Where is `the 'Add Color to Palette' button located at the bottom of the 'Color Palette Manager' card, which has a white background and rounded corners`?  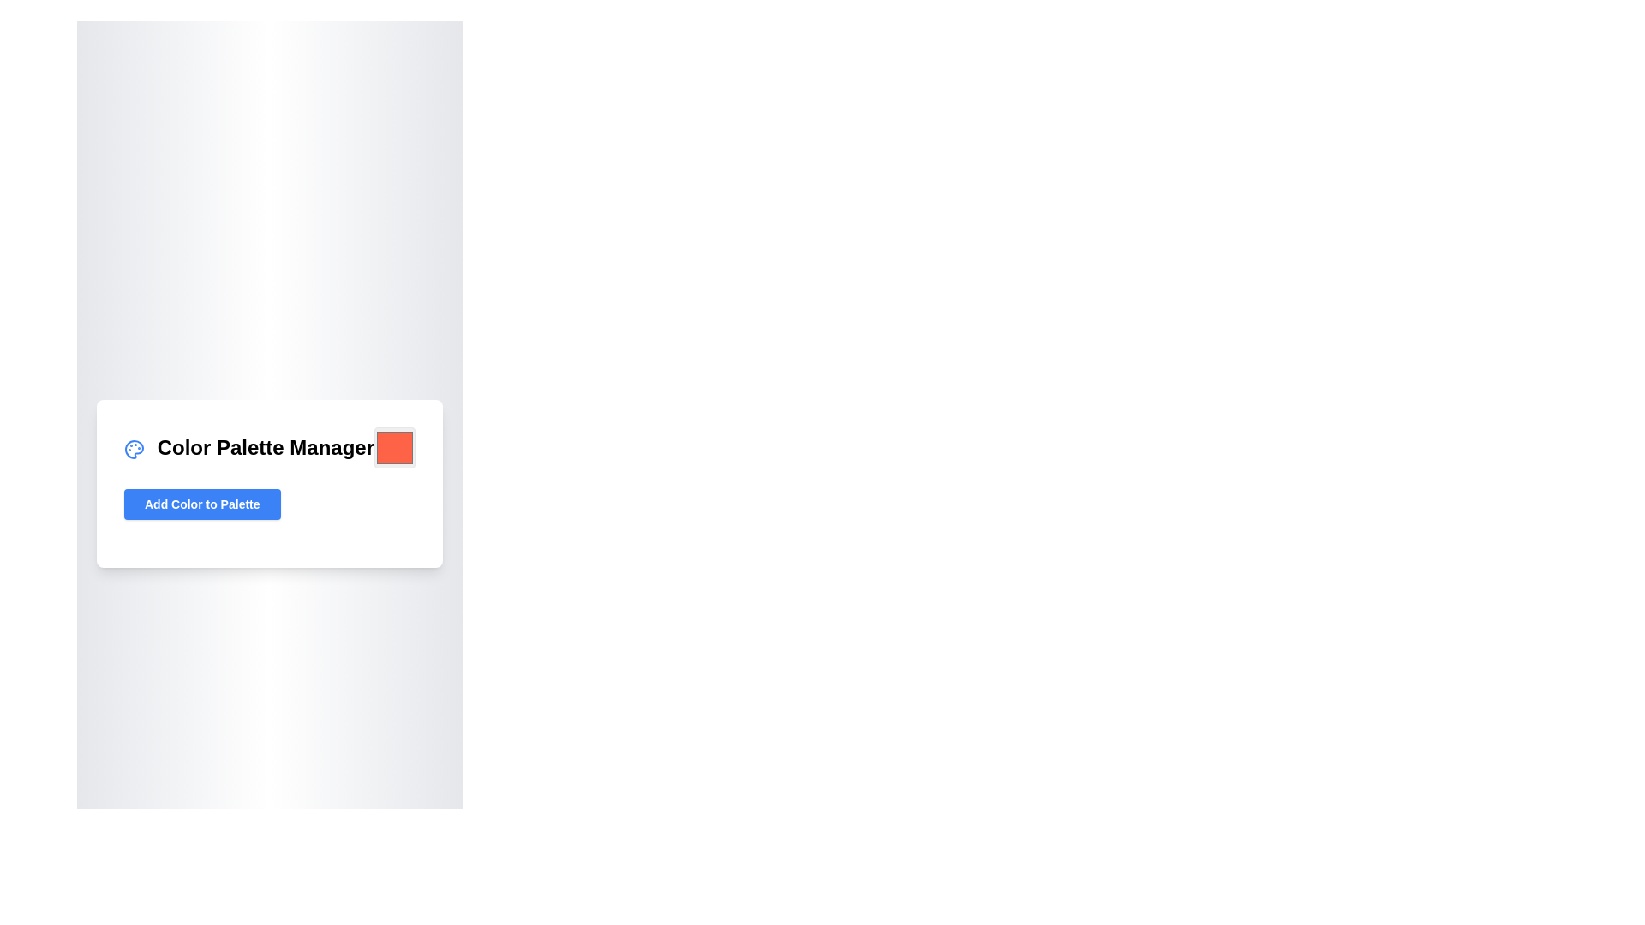 the 'Add Color to Palette' button located at the bottom of the 'Color Palette Manager' card, which has a white background and rounded corners is located at coordinates (269, 483).